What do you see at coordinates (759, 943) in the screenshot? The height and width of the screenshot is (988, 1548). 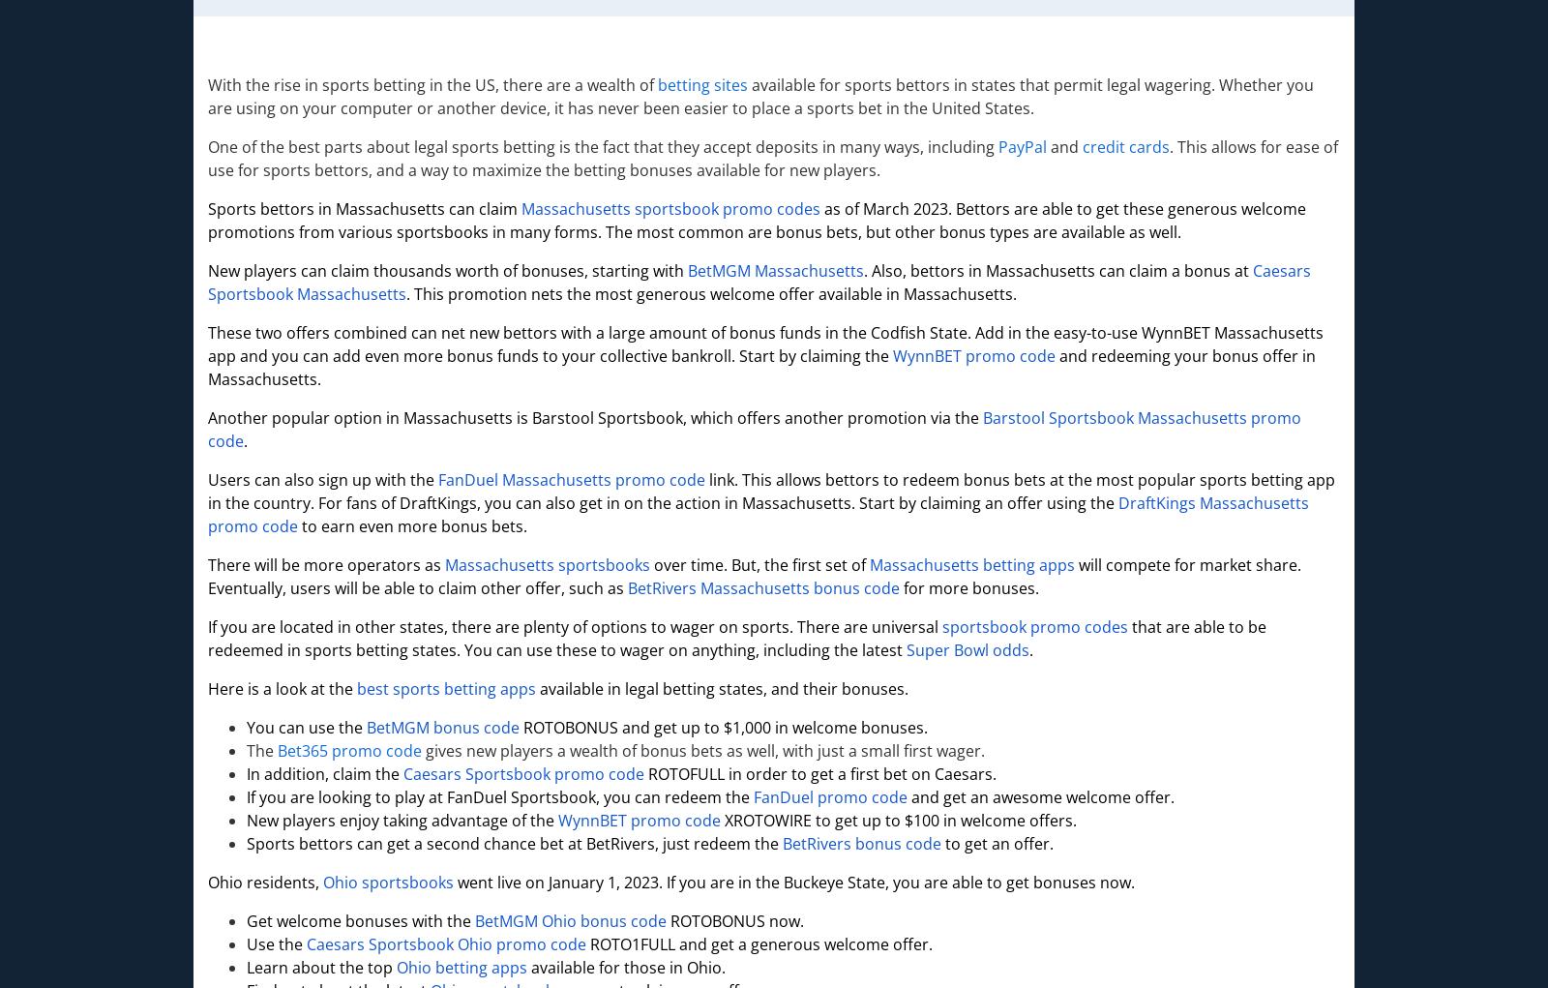 I see `'ROTO1FULL and get a generous welcome offer.'` at bounding box center [759, 943].